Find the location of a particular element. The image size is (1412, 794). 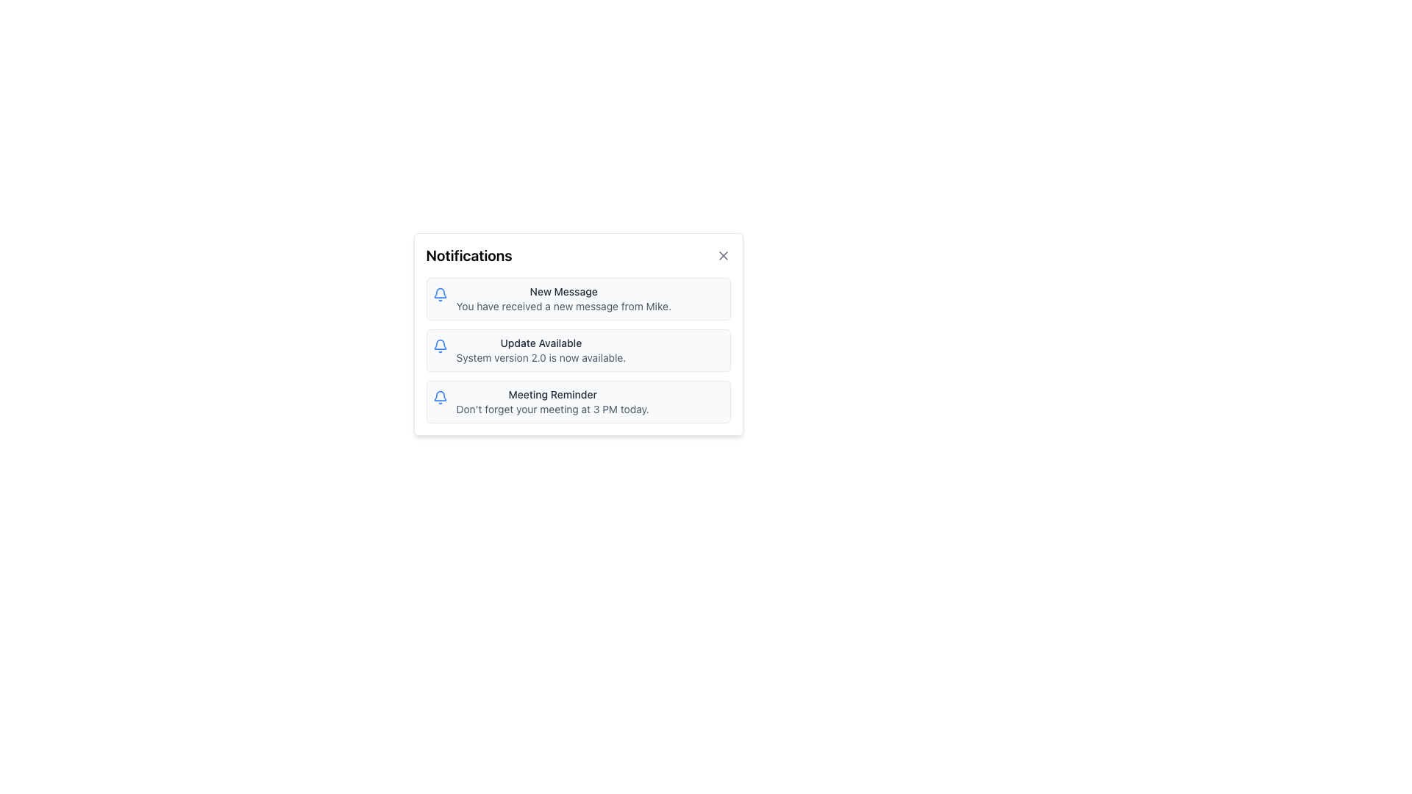

notification content from the second notification alert in the 'Notifications' card, which indicates the availability of a system version update is located at coordinates (540, 351).